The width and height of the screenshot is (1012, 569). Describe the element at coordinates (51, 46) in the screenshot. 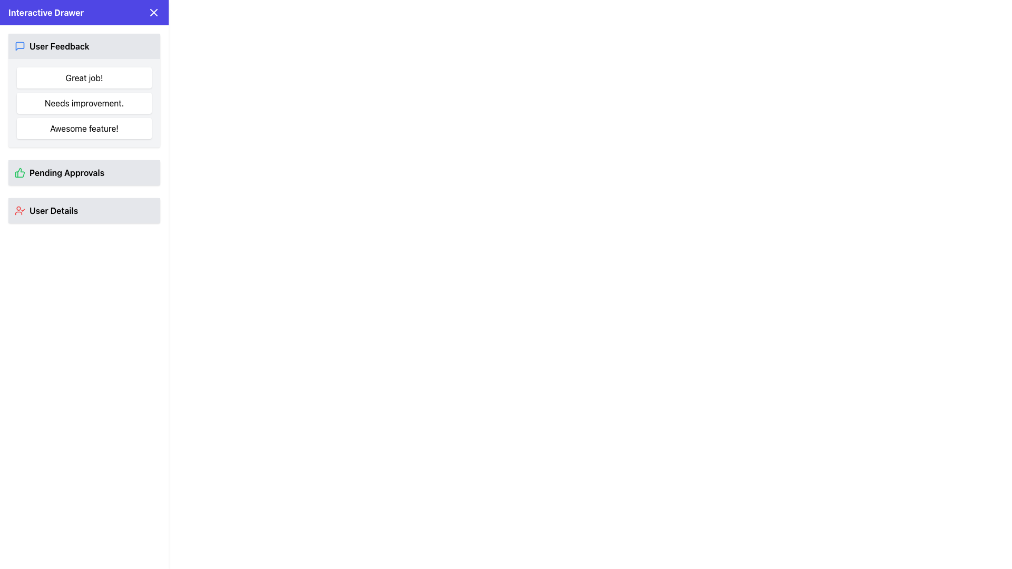

I see `the Menu item labeled section header related to user feedback` at that location.